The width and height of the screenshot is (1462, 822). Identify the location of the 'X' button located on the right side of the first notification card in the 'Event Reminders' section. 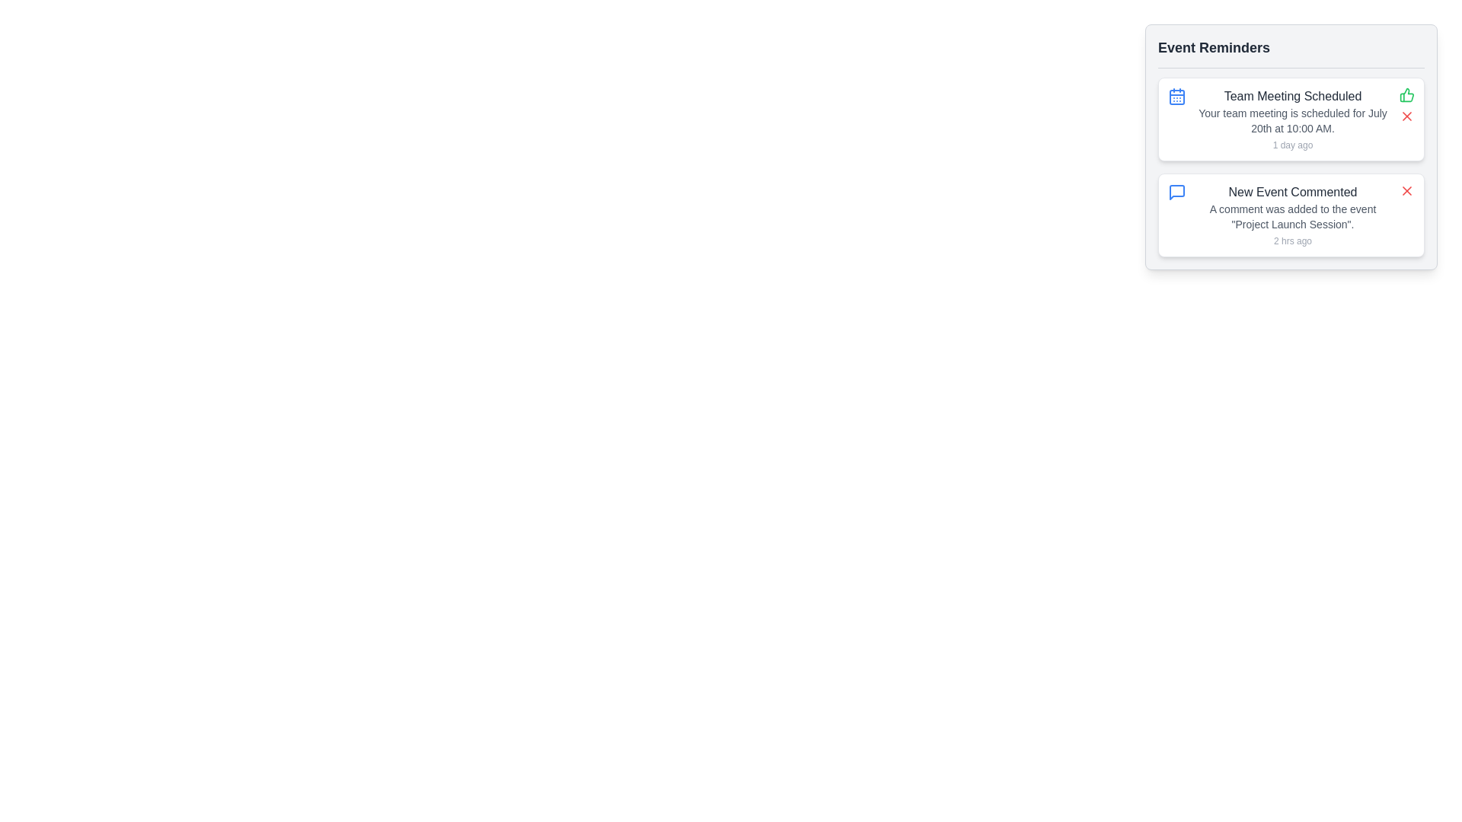
(1406, 116).